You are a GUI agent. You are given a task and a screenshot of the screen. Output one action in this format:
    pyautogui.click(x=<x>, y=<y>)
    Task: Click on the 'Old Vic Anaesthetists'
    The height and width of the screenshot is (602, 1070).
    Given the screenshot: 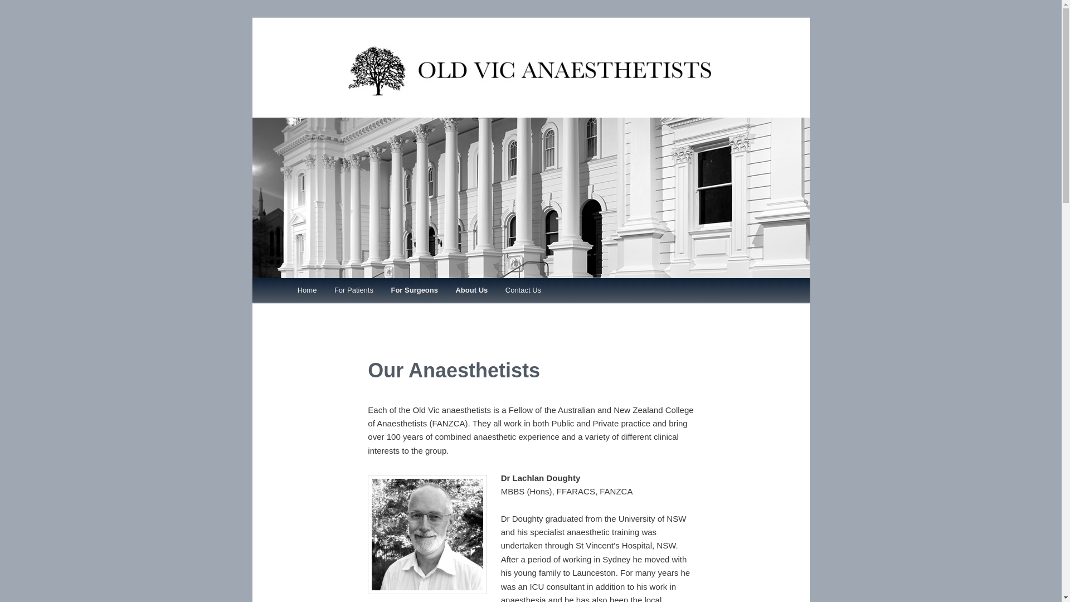 What is the action you would take?
    pyautogui.click(x=529, y=110)
    